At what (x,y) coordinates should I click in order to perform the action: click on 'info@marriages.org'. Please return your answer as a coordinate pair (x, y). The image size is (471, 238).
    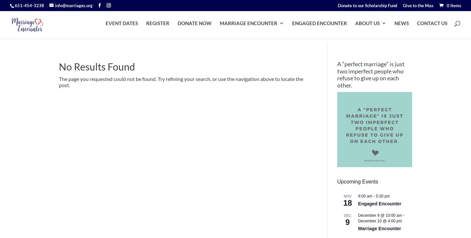
    Looking at the image, I should click on (55, 5).